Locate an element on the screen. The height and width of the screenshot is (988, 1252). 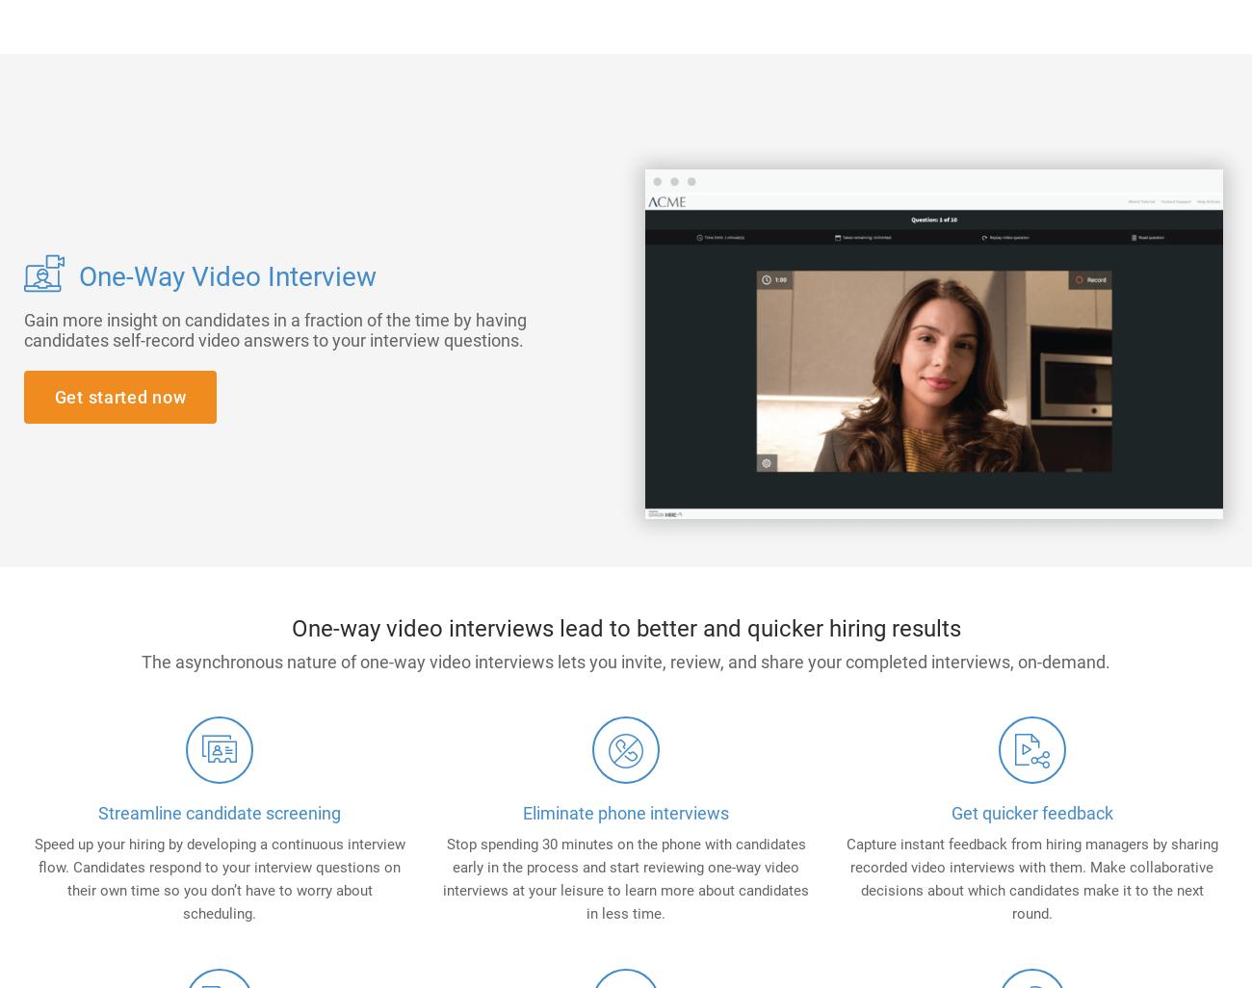
'All Resources' is located at coordinates (906, 472).